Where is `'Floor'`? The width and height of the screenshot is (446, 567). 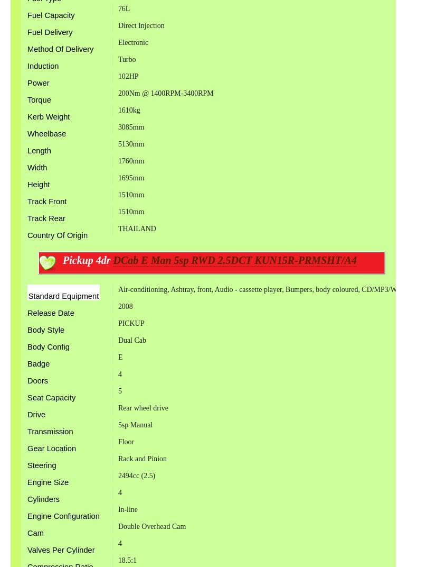
'Floor' is located at coordinates (125, 441).